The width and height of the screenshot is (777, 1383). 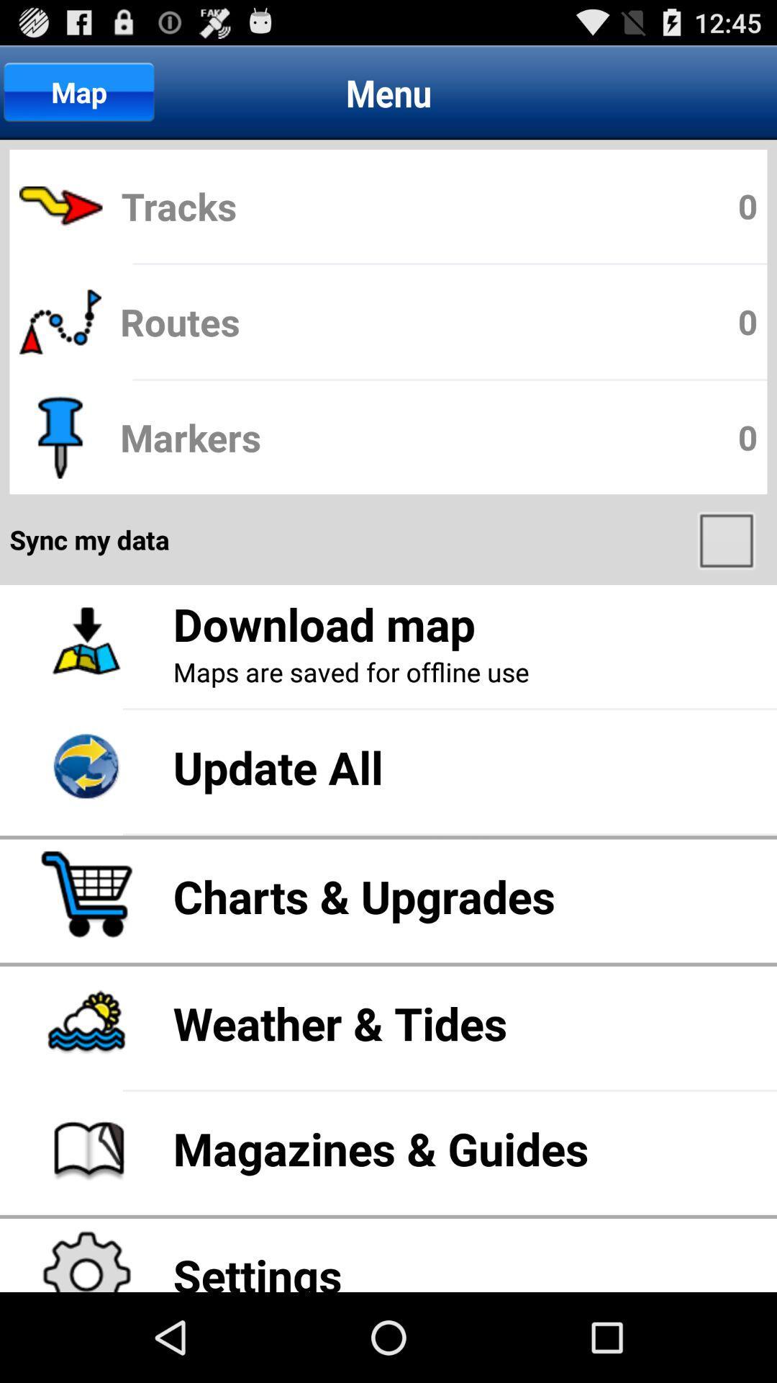 What do you see at coordinates (728, 539) in the screenshot?
I see `the icon next to the sync my data app` at bounding box center [728, 539].